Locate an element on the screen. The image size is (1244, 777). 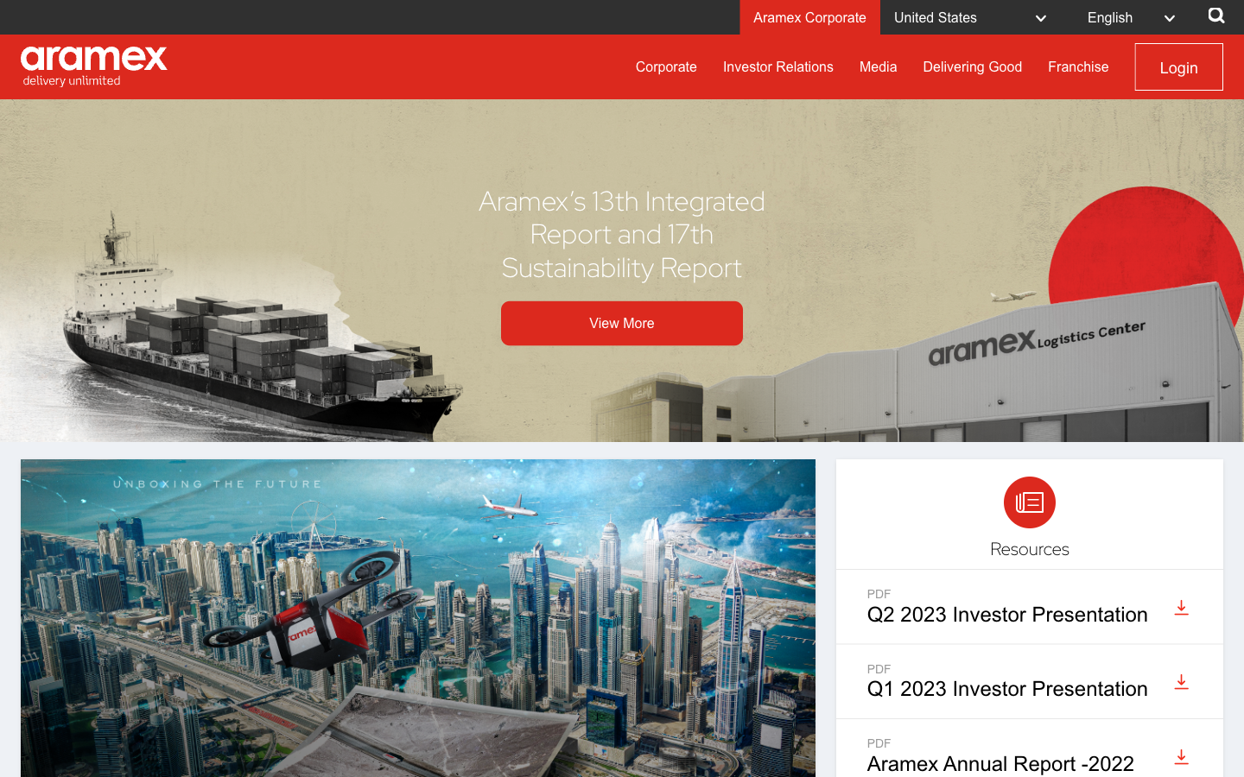
Adjust language setting to the second option in the selection menu is located at coordinates (1136, 16).